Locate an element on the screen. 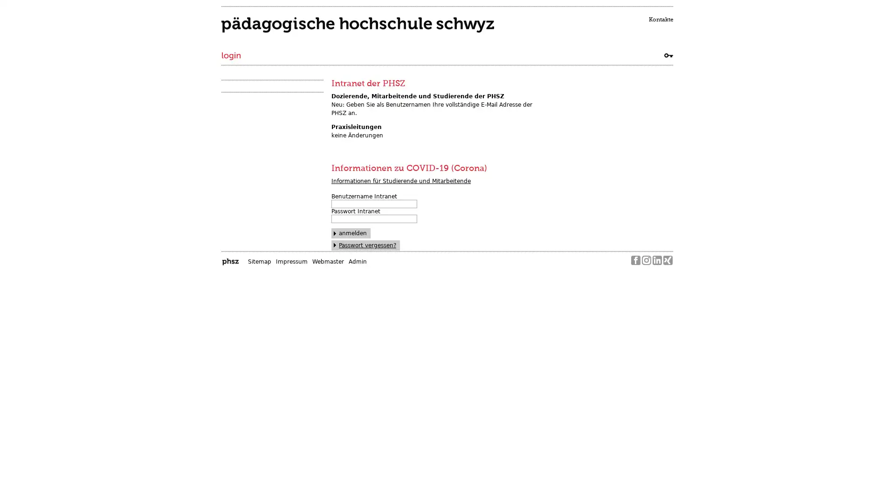 The width and height of the screenshot is (895, 503). anmelden is located at coordinates (351, 233).